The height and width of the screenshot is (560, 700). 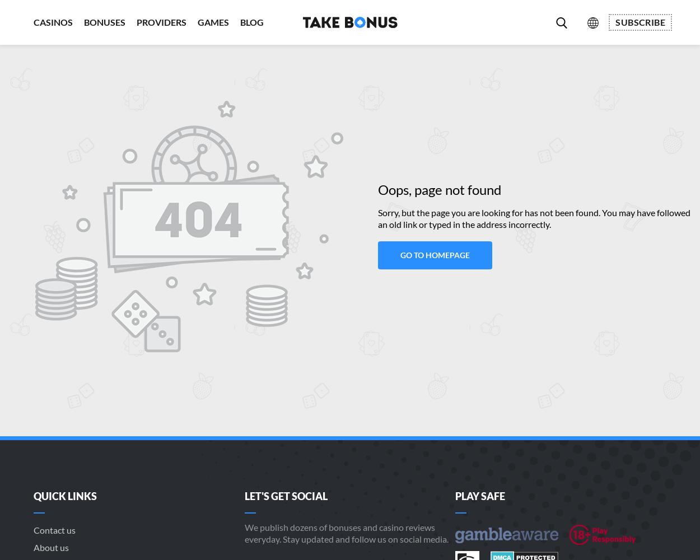 I want to click on 'Providers', so click(x=161, y=22).